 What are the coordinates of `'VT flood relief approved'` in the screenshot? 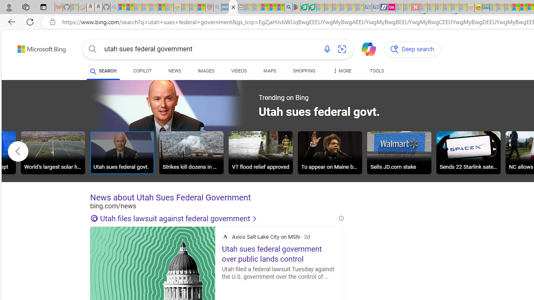 It's located at (260, 152).